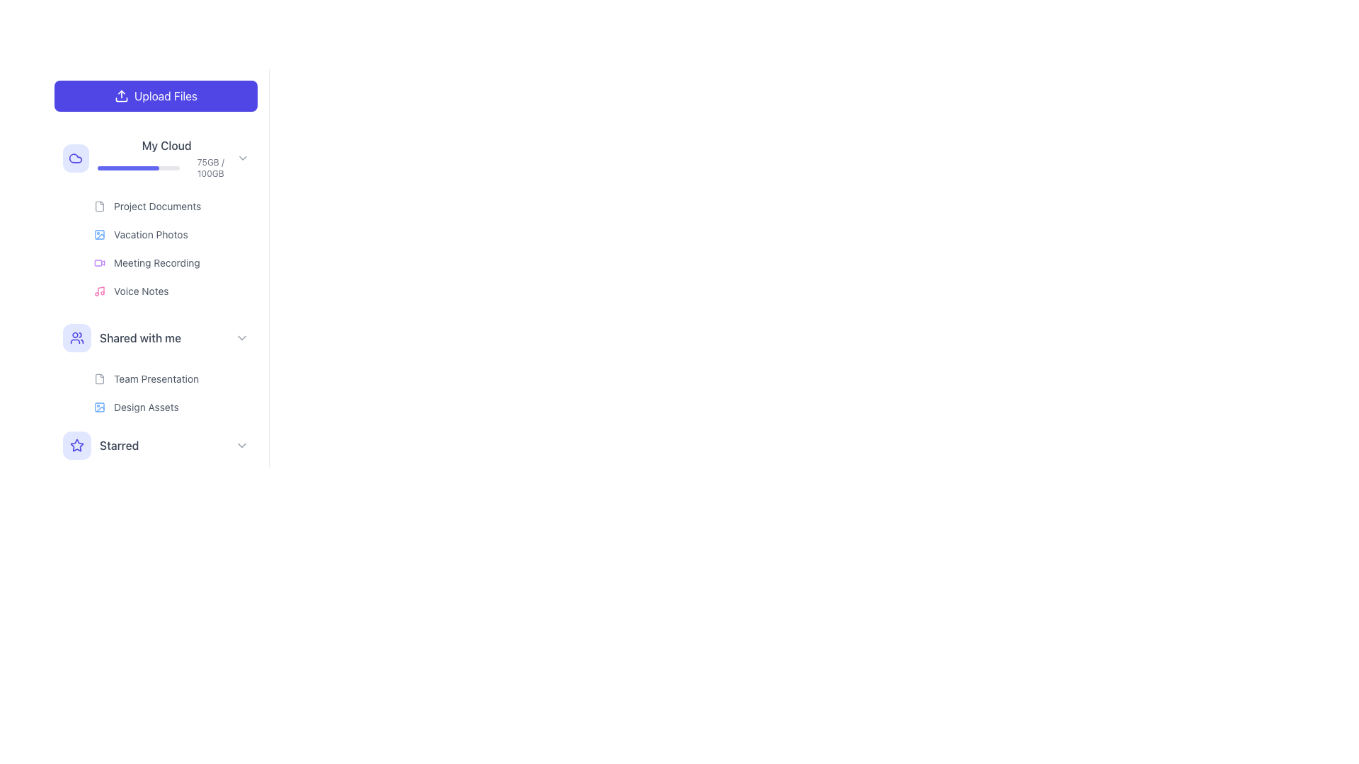  I want to click on the rounded rectangular button with a user icon, located to the left of the text 'Shared with me' in the vertical navigation menu, so click(76, 338).